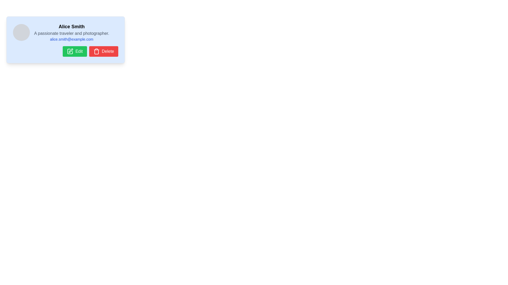 The image size is (508, 285). What do you see at coordinates (71, 26) in the screenshot?
I see `the text label that reads 'Alice Smith', which is bold and larger than surrounding text, located at the upper left section of the interface` at bounding box center [71, 26].